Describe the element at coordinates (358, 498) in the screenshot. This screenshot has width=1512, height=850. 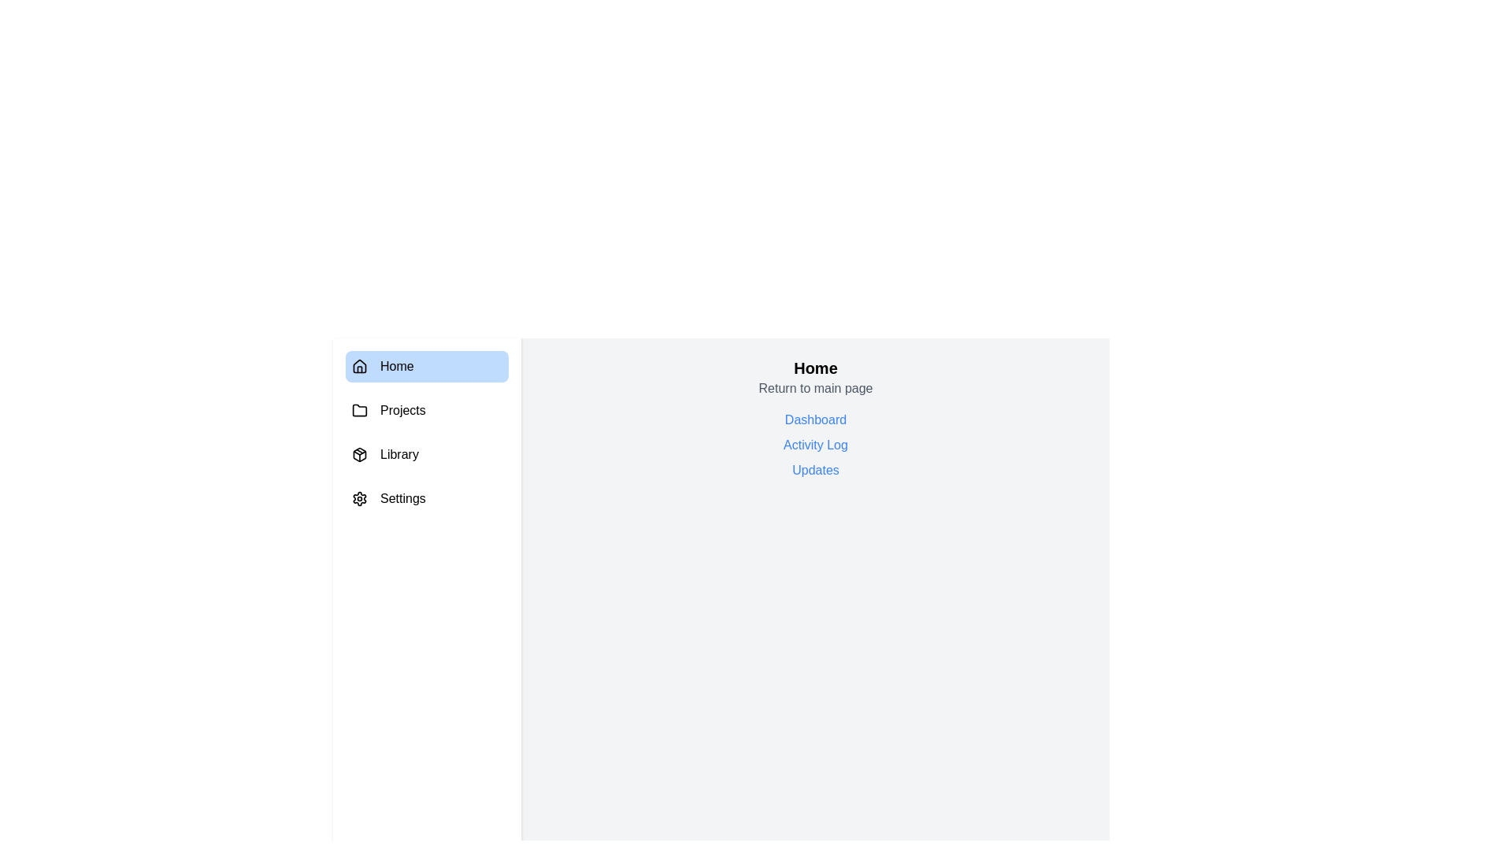
I see `the settings icon located in the left-side navigation bar, adjacent to the text label 'Settings'` at that location.